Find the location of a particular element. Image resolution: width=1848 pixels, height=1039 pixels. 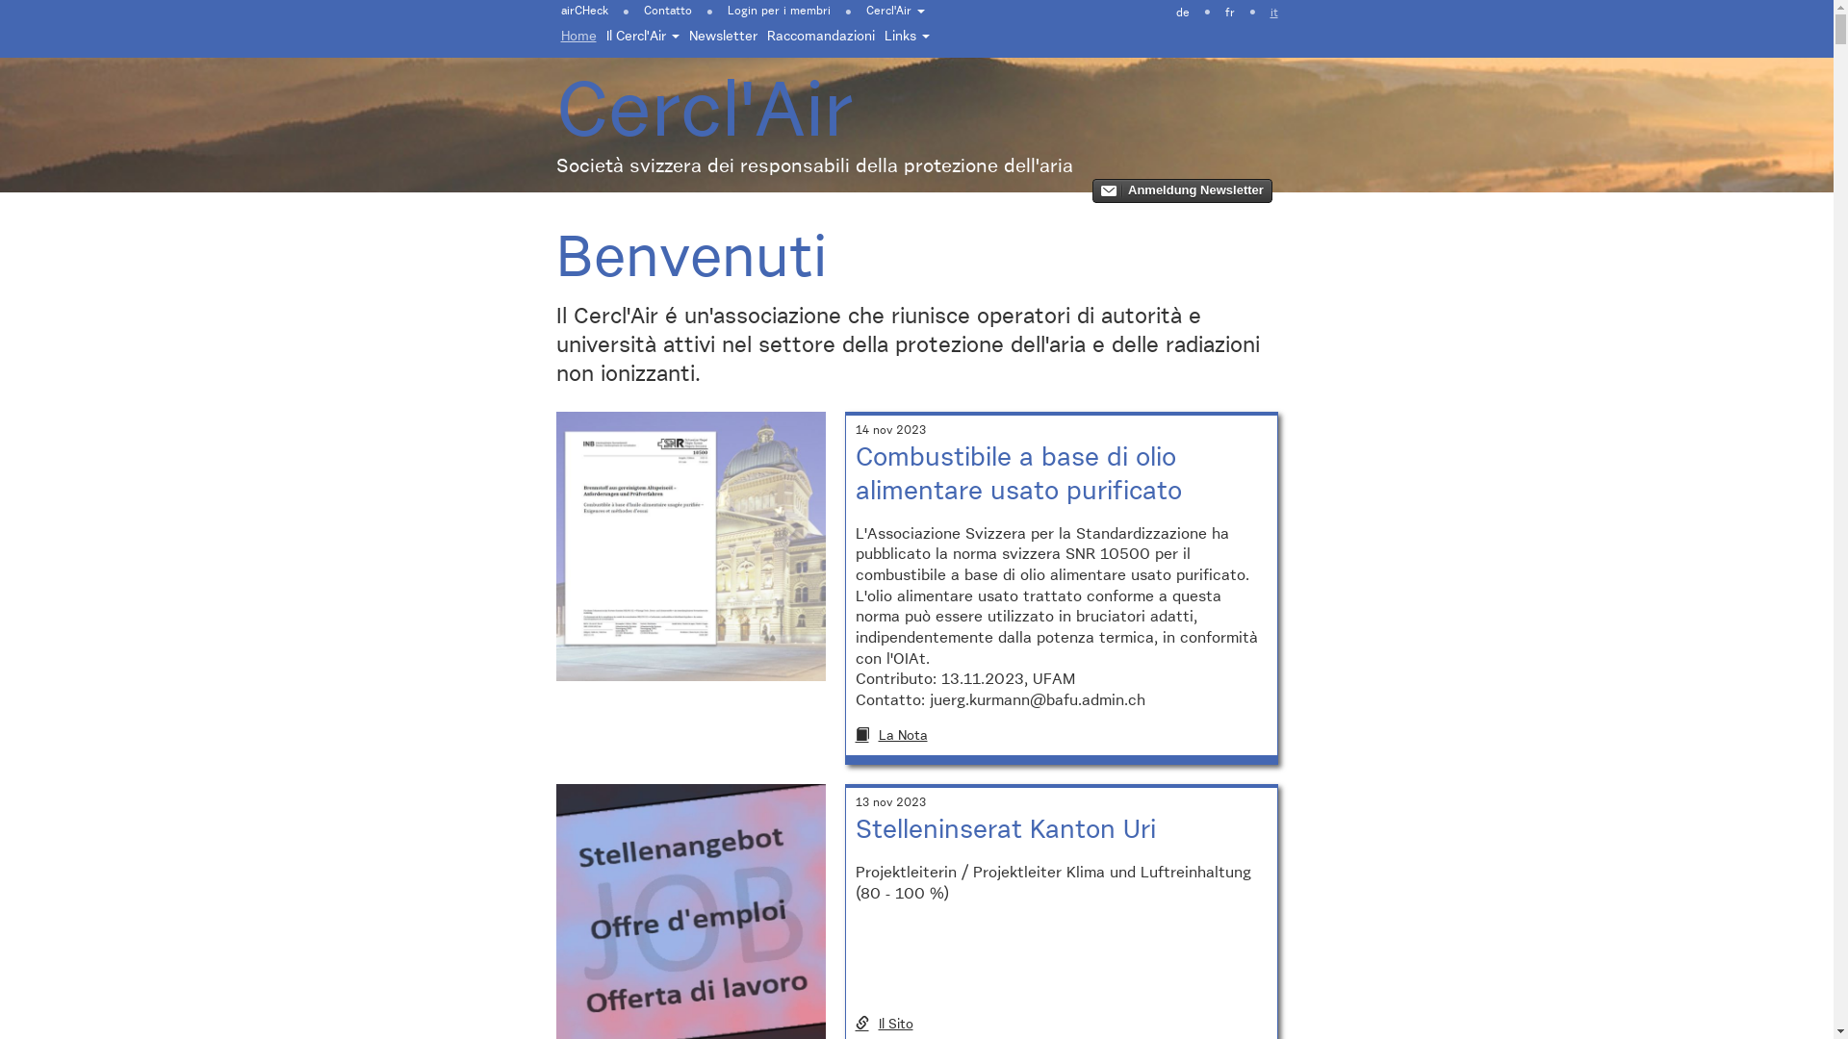

'Links' is located at coordinates (878, 37).